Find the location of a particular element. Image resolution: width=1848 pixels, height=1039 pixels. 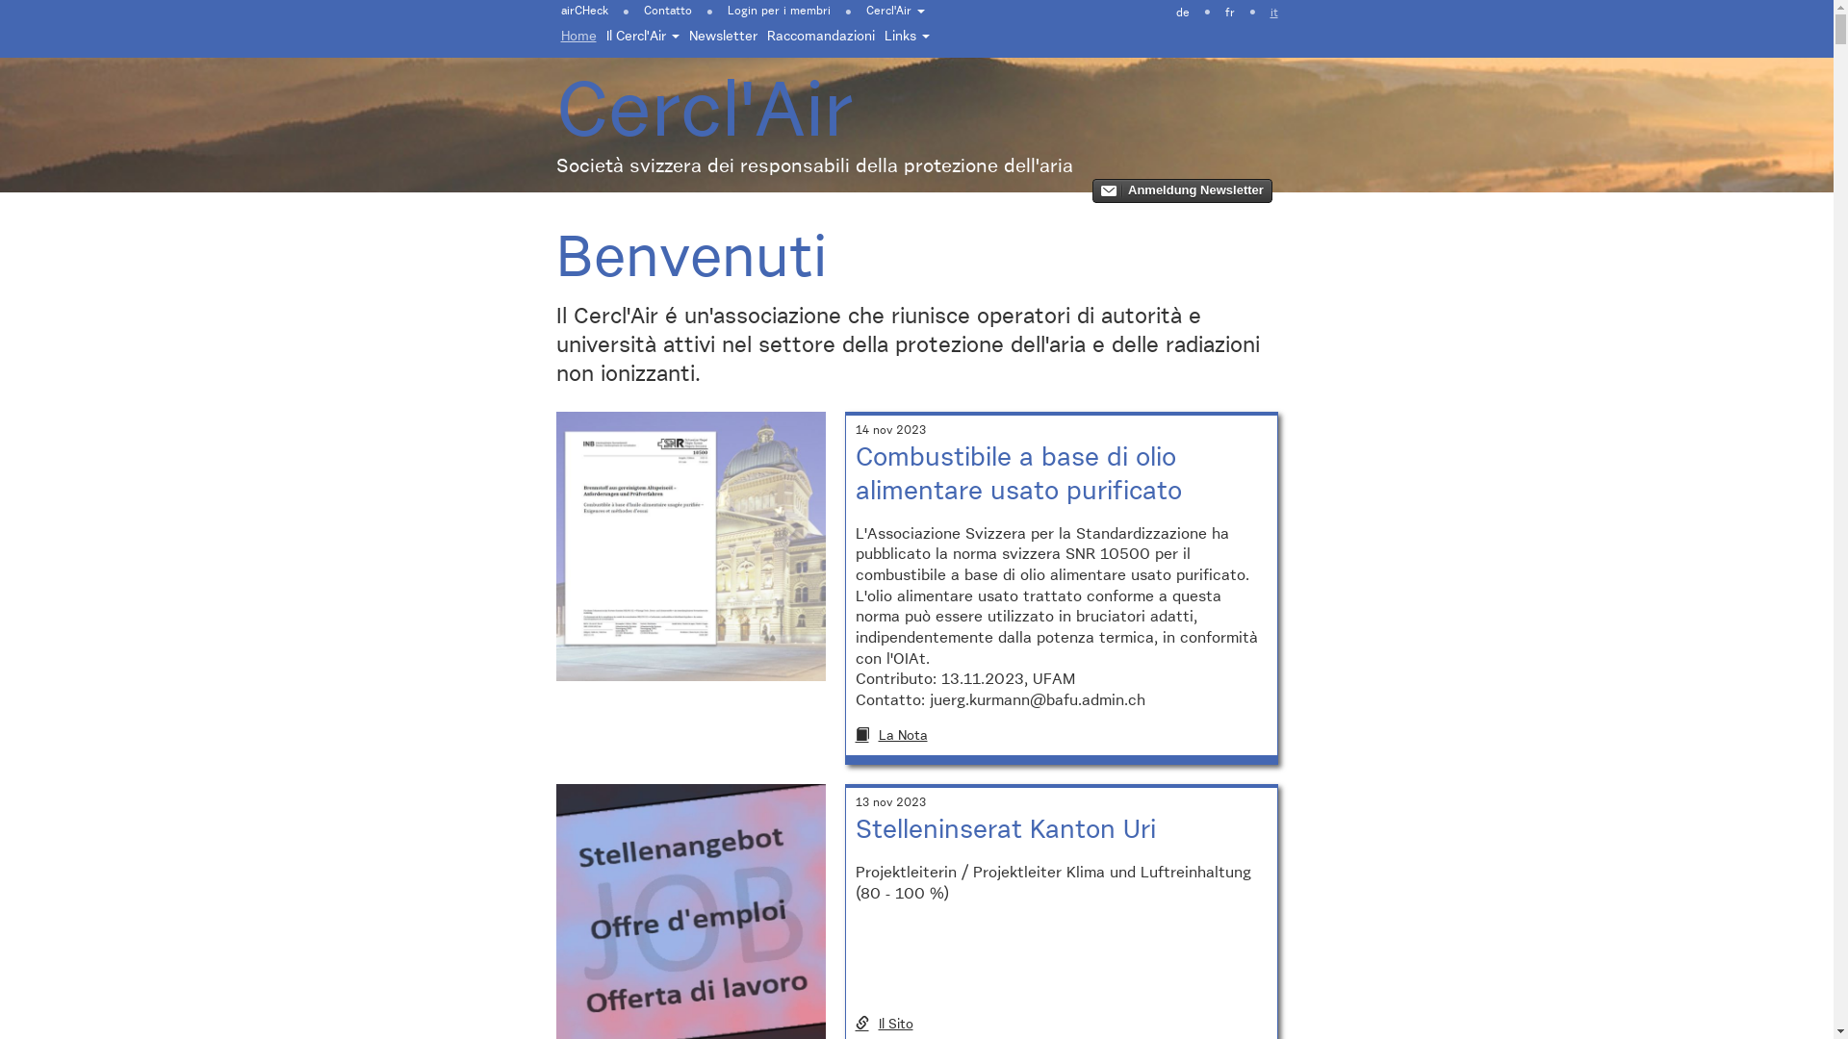

'Links' is located at coordinates (878, 37).